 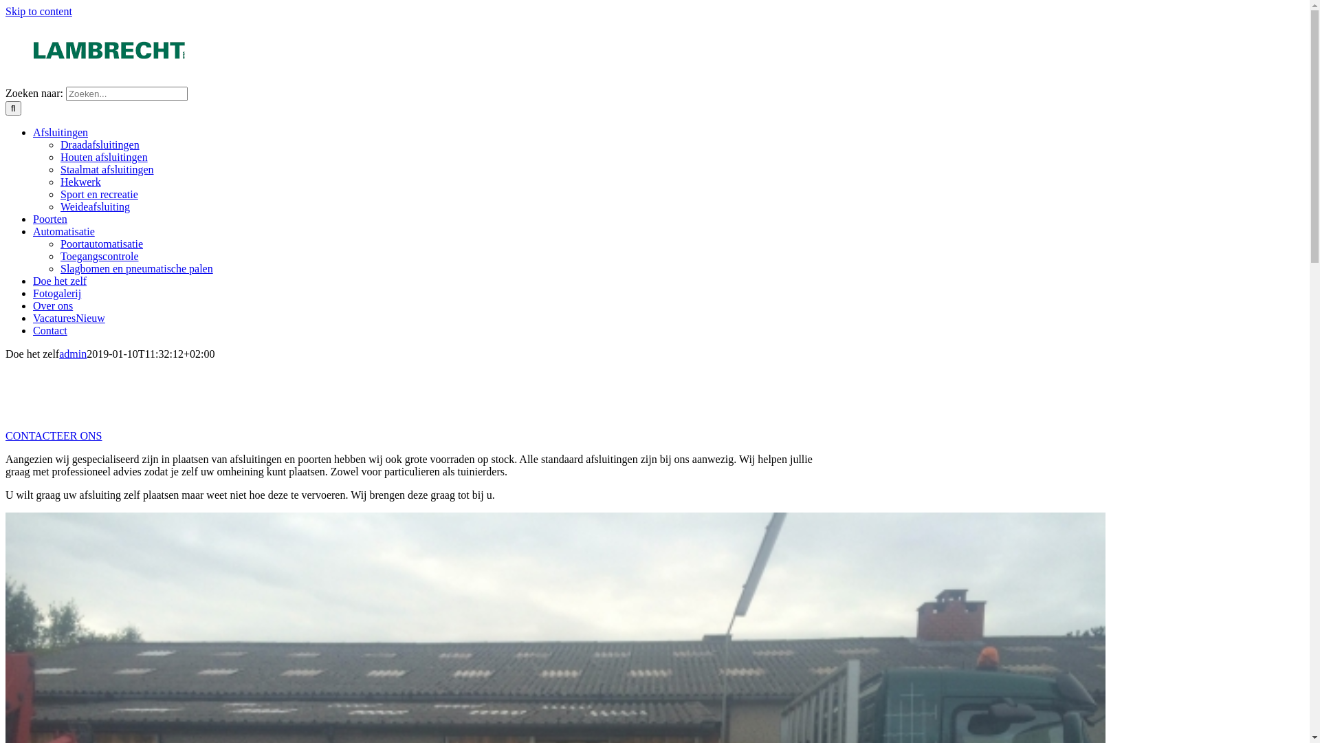 I want to click on 'Houten afsluitingen', so click(x=103, y=156).